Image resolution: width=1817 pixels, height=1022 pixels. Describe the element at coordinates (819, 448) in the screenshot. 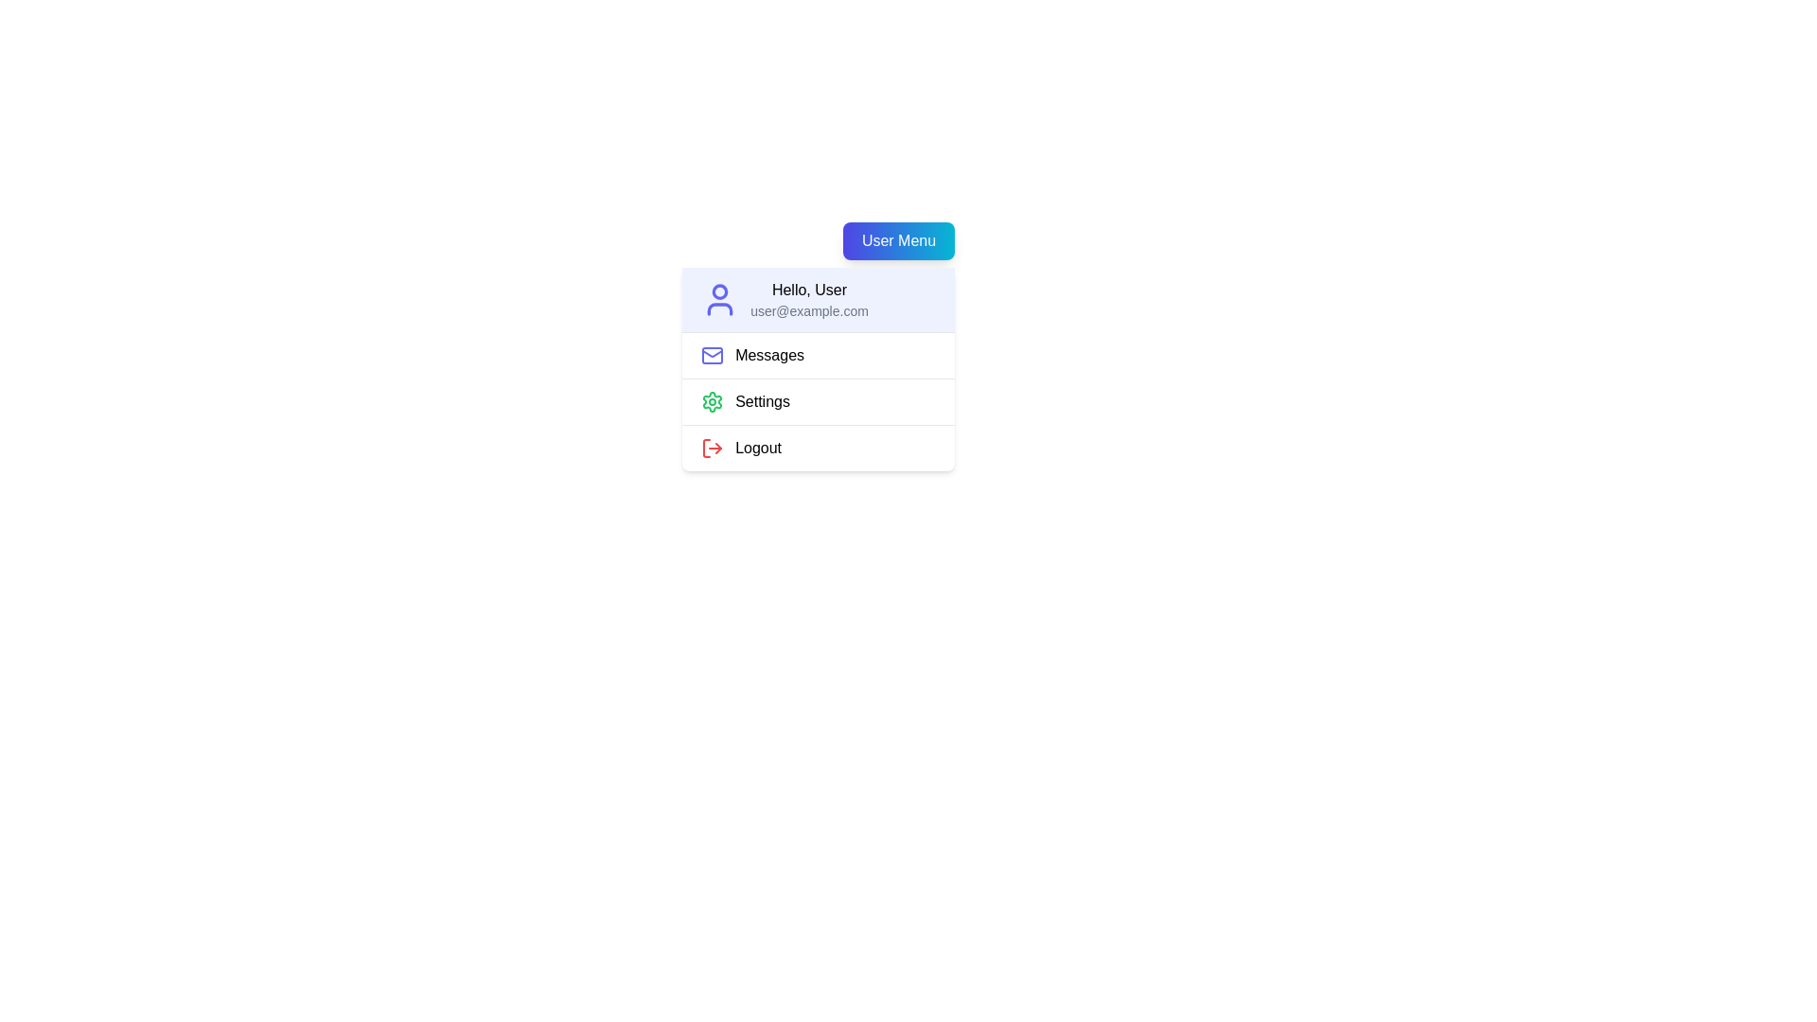

I see `the menu item Logout` at that location.